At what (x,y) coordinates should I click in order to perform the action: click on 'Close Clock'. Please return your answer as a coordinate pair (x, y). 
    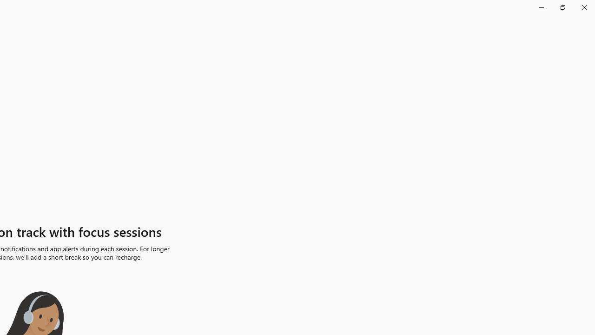
    Looking at the image, I should click on (583, 7).